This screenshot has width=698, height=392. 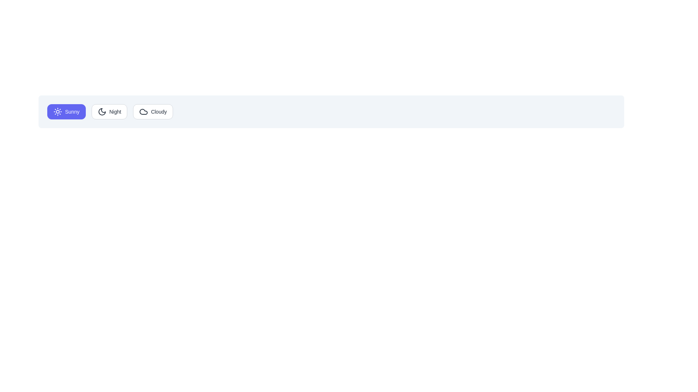 I want to click on the theme by clicking on the button labeled Sunny, so click(x=66, y=112).